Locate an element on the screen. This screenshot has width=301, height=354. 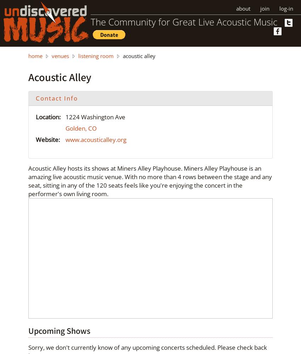
'Upcoming Shows' is located at coordinates (59, 330).